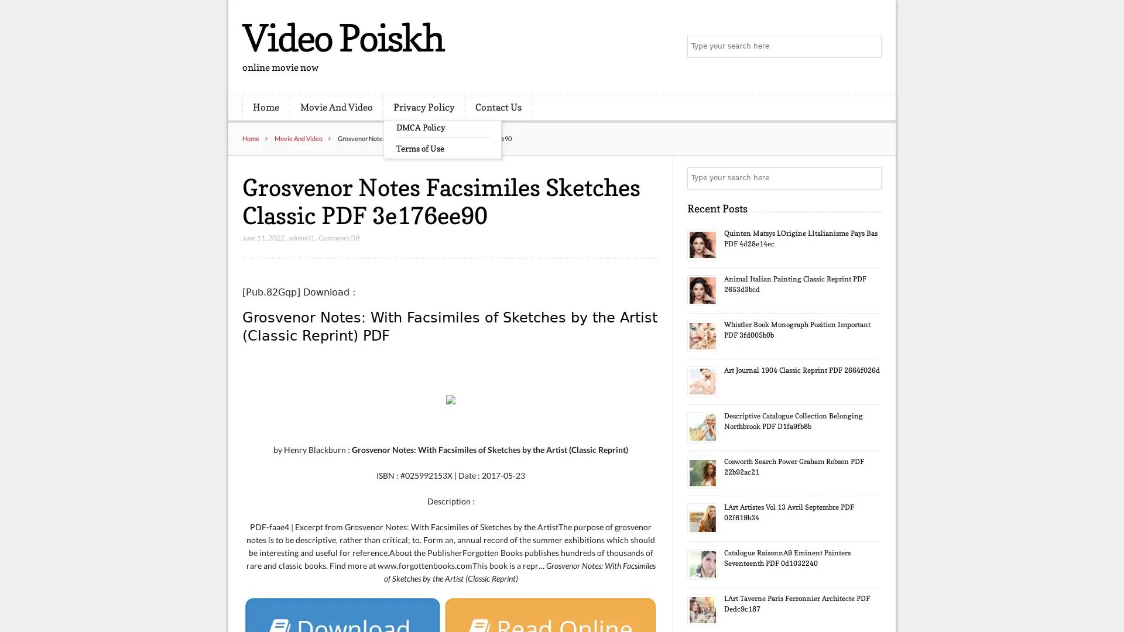 This screenshot has height=632, width=1124. Describe the element at coordinates (869, 47) in the screenshot. I see `Search` at that location.